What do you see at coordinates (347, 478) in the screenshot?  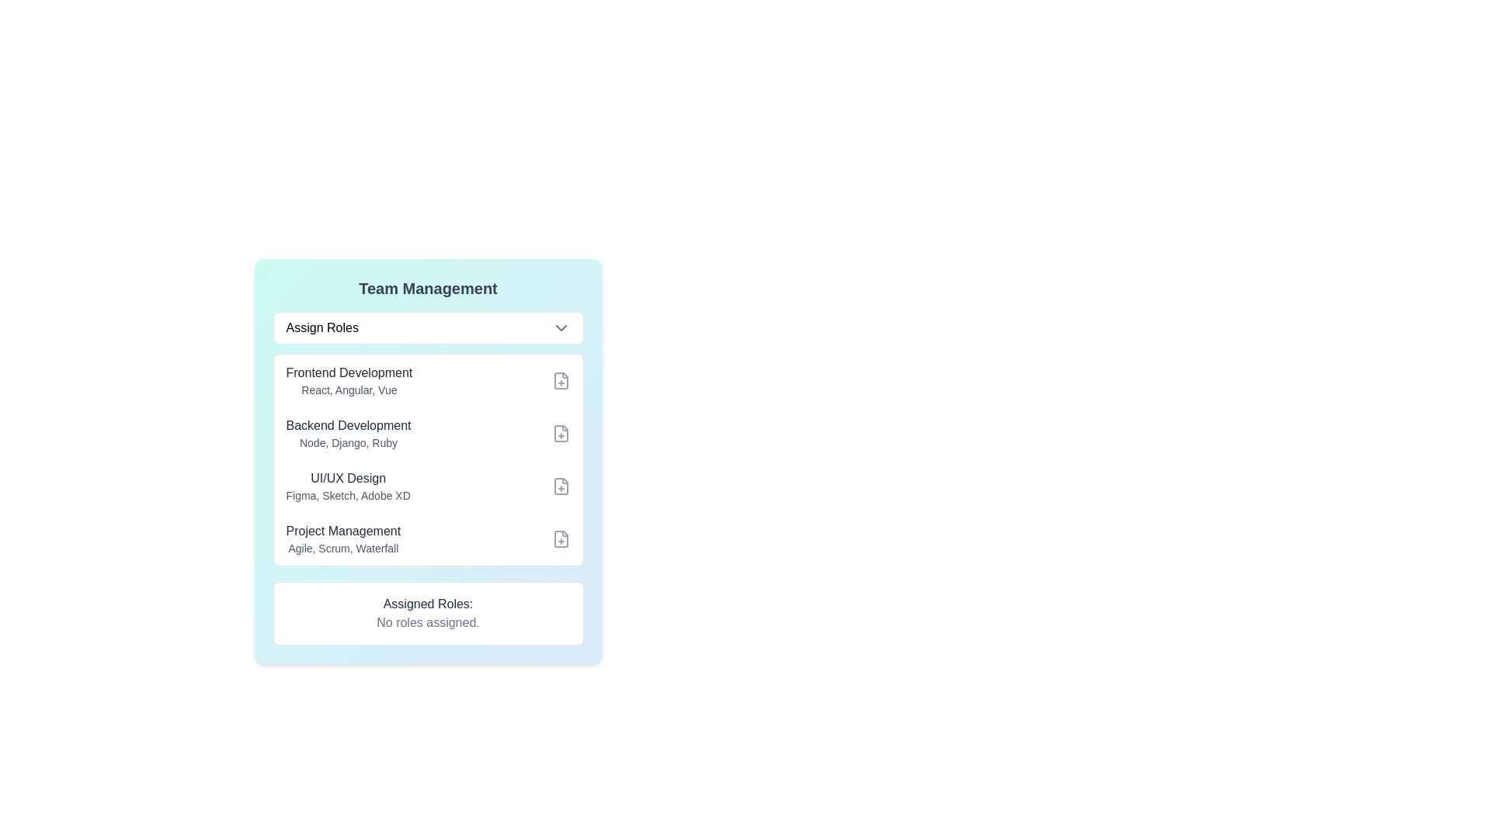 I see `the Text Label serving as the title for the 'UI/UX Design' role, which is positioned in the third row of the 'Team Management' card, above the text 'Figma, Sketch, Adobe XD'` at bounding box center [347, 478].